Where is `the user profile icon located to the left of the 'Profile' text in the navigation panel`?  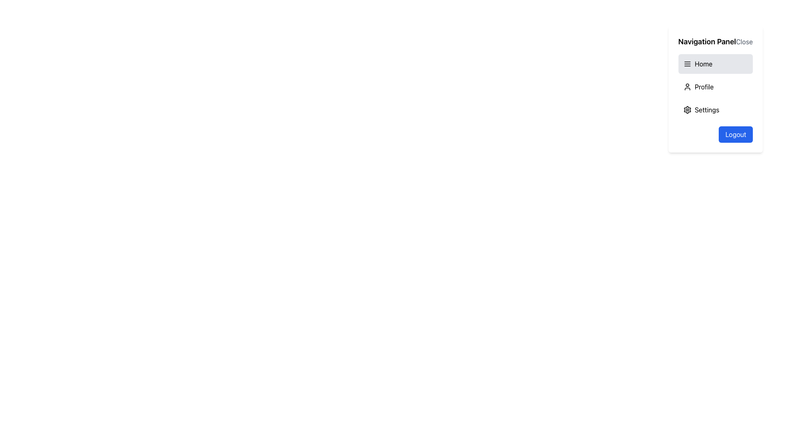 the user profile icon located to the left of the 'Profile' text in the navigation panel is located at coordinates (687, 87).